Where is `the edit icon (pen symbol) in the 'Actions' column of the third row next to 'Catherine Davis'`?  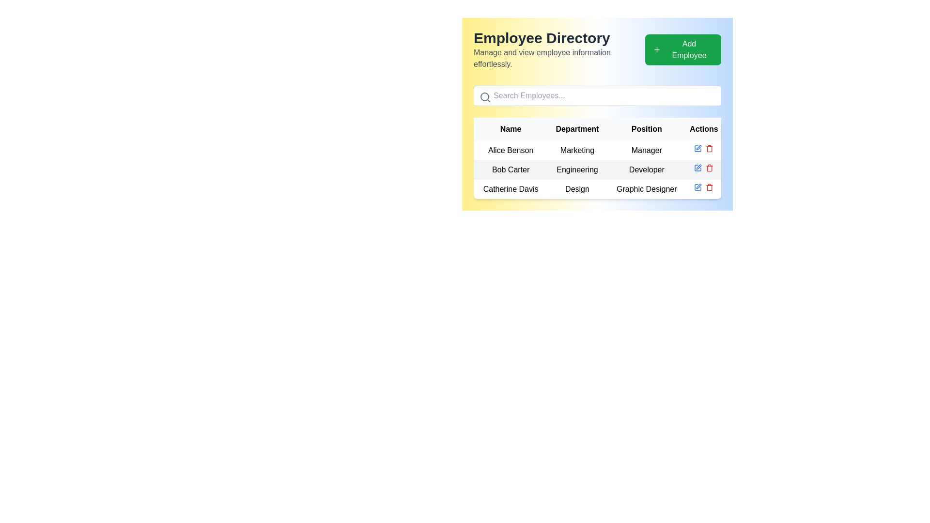
the edit icon (pen symbol) in the 'Actions' column of the third row next to 'Catherine Davis' is located at coordinates (699, 186).